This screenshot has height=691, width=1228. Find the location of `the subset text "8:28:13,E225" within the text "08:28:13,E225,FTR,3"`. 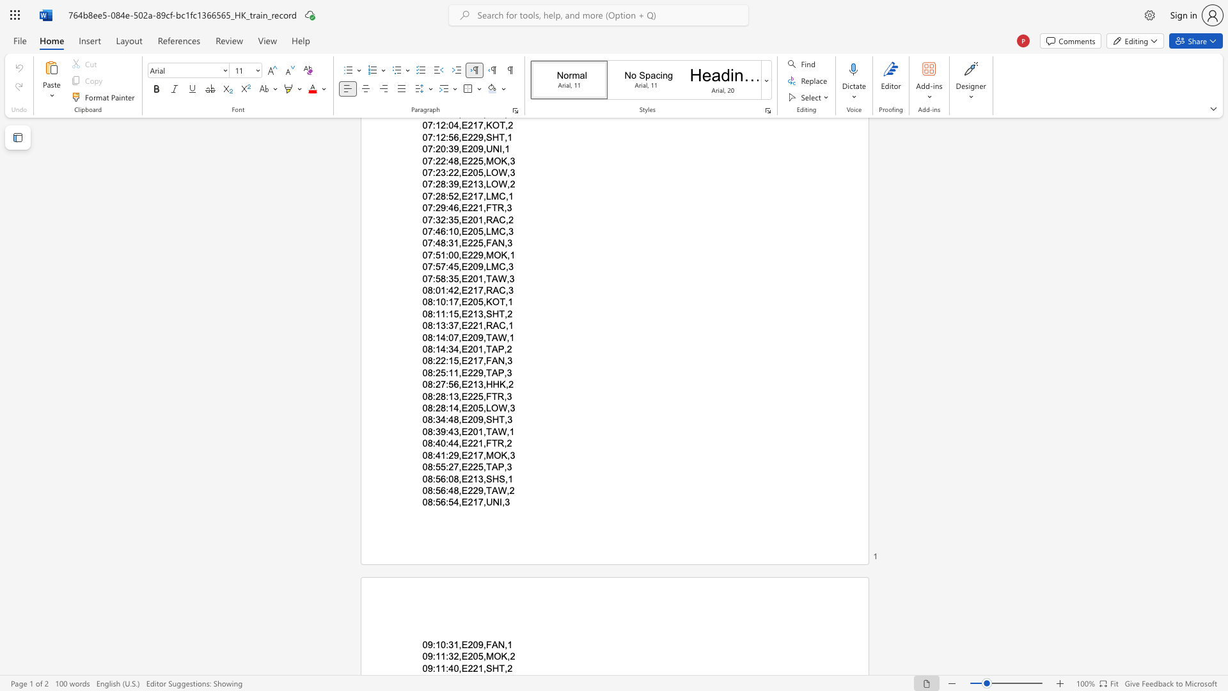

the subset text "8:28:13,E225" within the text "08:28:13,E225,FTR,3" is located at coordinates (427, 395).